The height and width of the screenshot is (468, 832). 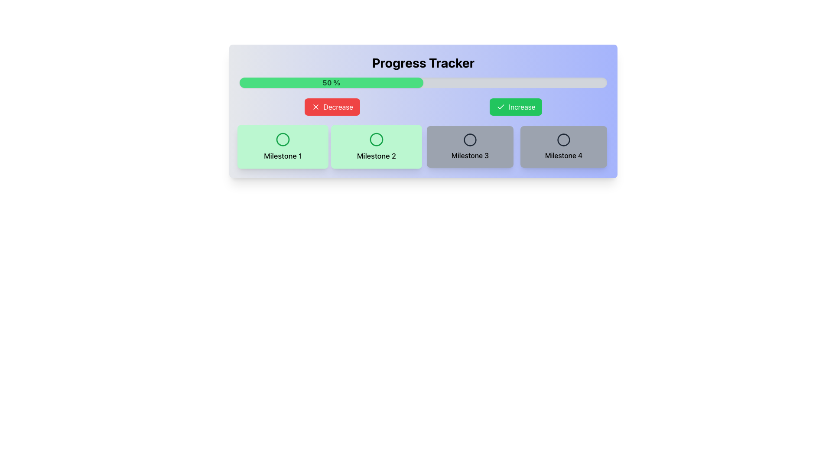 What do you see at coordinates (283, 155) in the screenshot?
I see `text label located in the bottom-left quadrant of the milestone indicator component, positioned directly beneath the circular icon` at bounding box center [283, 155].